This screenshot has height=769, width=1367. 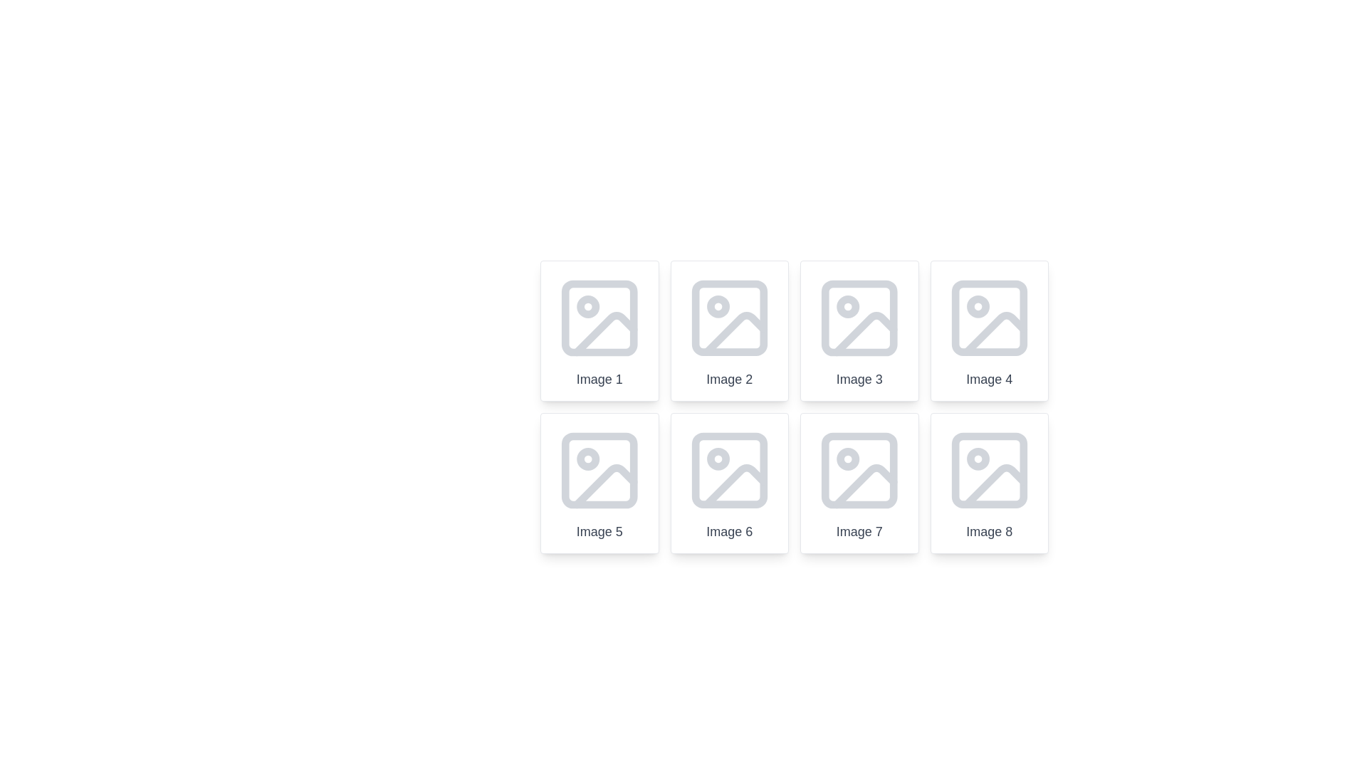 I want to click on the caption text below the graphic placeholder for 'Image 4' to edit the label, so click(x=988, y=331).